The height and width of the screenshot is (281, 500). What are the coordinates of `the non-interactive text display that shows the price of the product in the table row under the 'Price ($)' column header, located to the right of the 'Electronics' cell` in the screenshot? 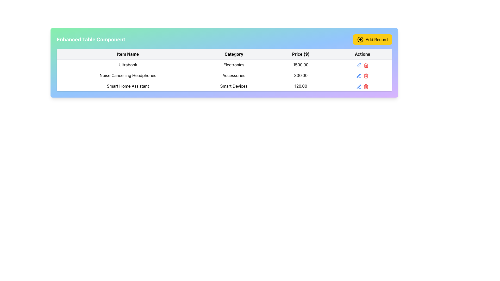 It's located at (301, 65).